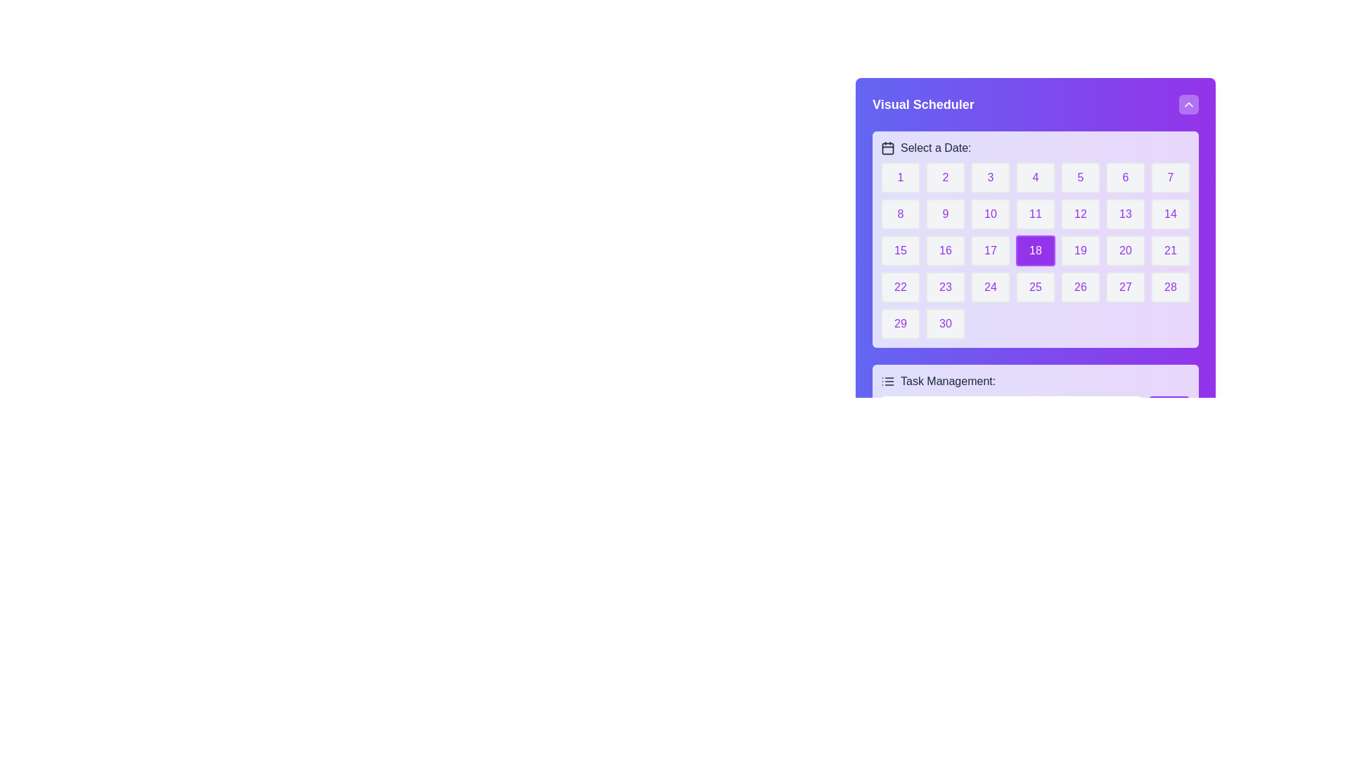  Describe the element at coordinates (1036, 250) in the screenshot. I see `the button for the date '18' in the date selection panel` at that location.